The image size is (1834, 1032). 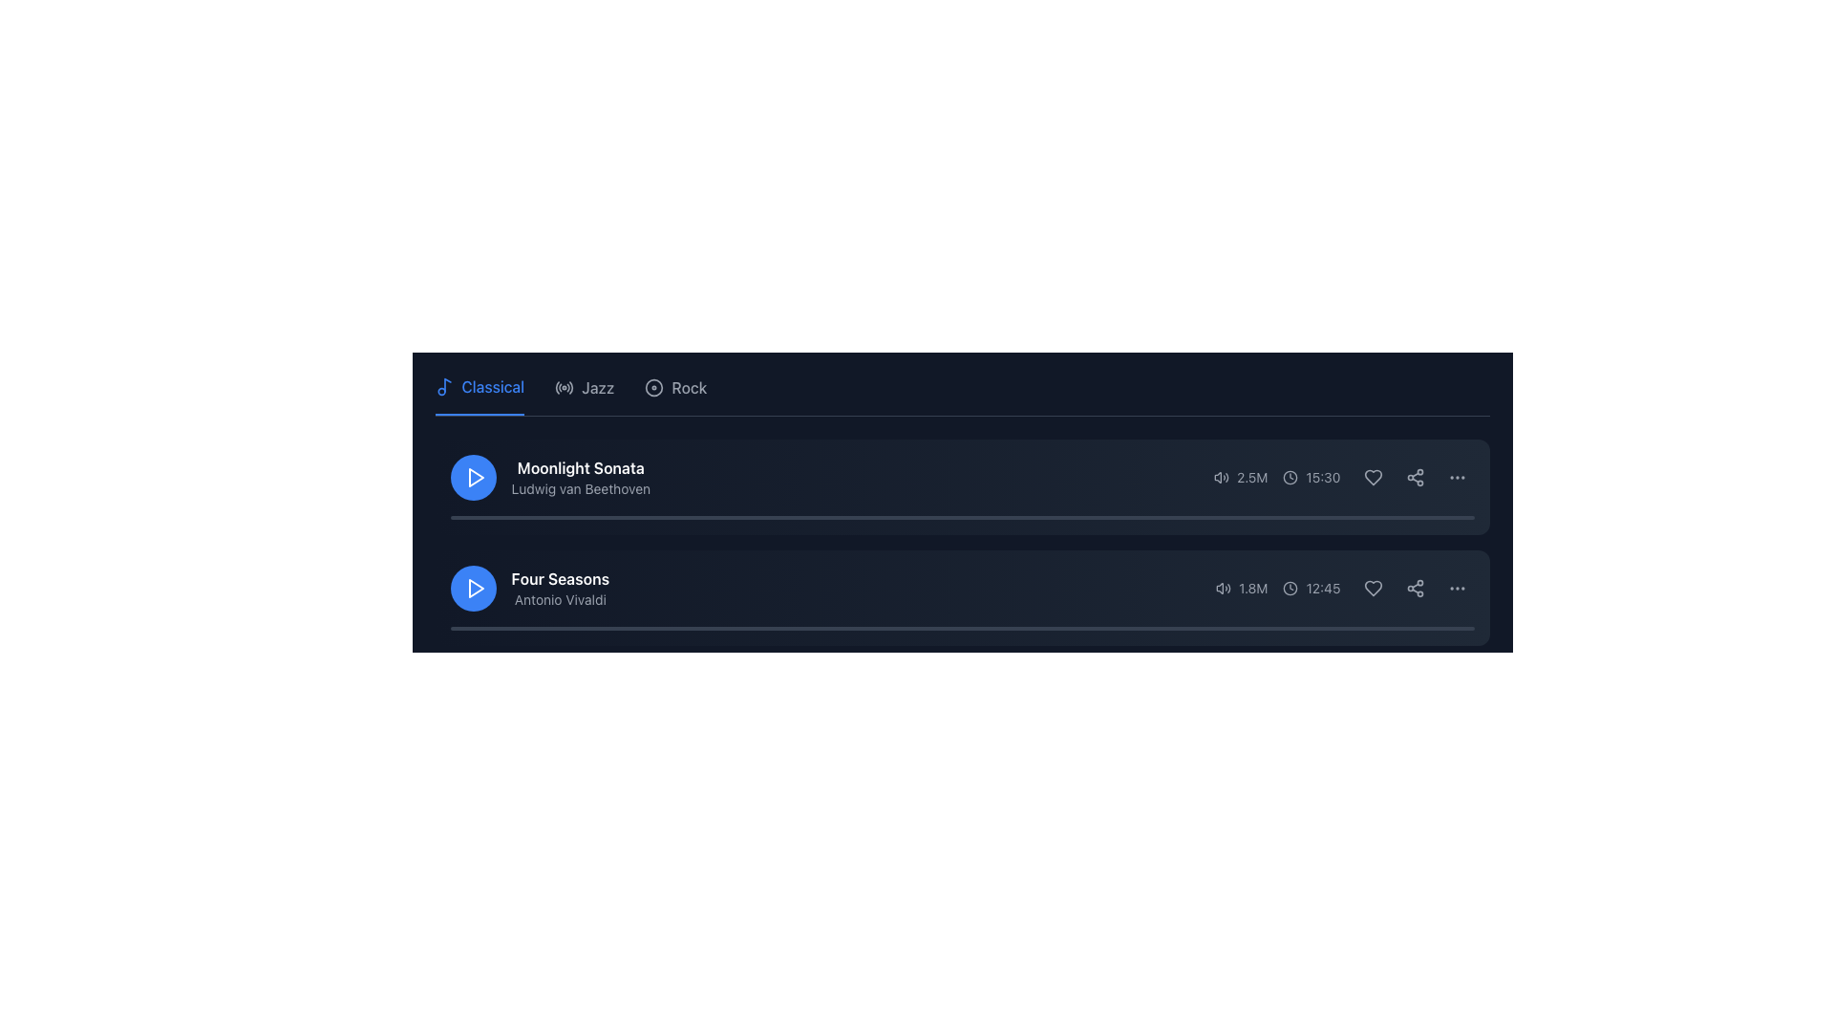 I want to click on the ellipsis icon button, which consists of three small light gray dots arranged horizontally and is located to the far right of the music track titled 'Four Seasons' by Antonio Vivaldi, so click(x=1456, y=588).